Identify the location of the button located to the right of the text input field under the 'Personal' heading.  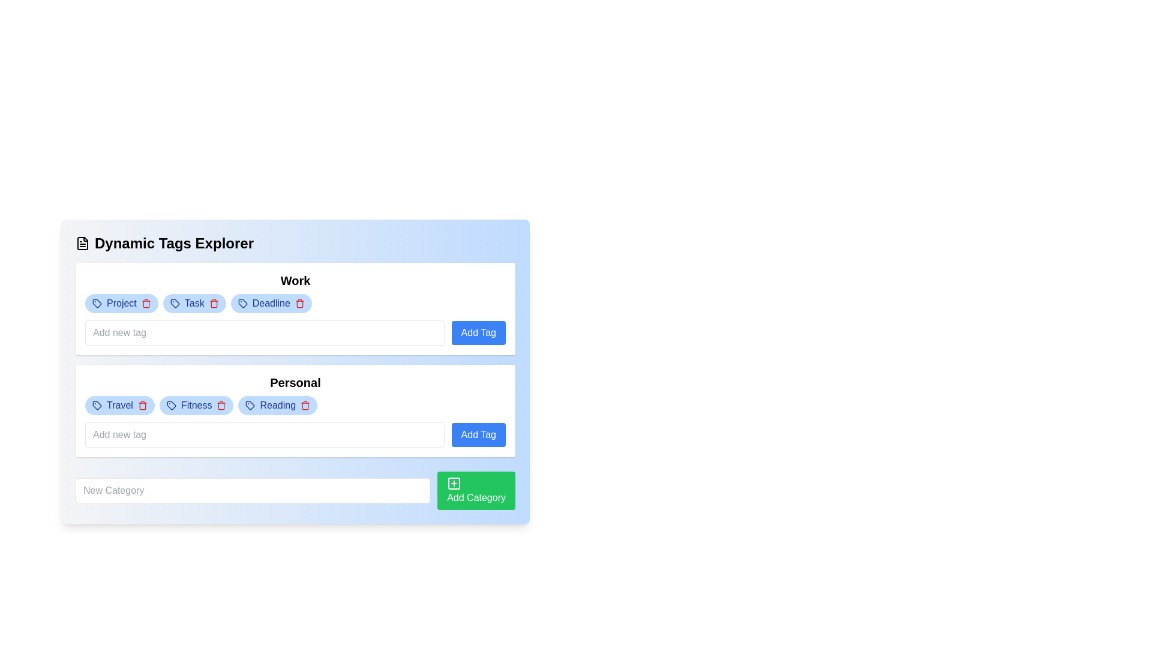
(478, 435).